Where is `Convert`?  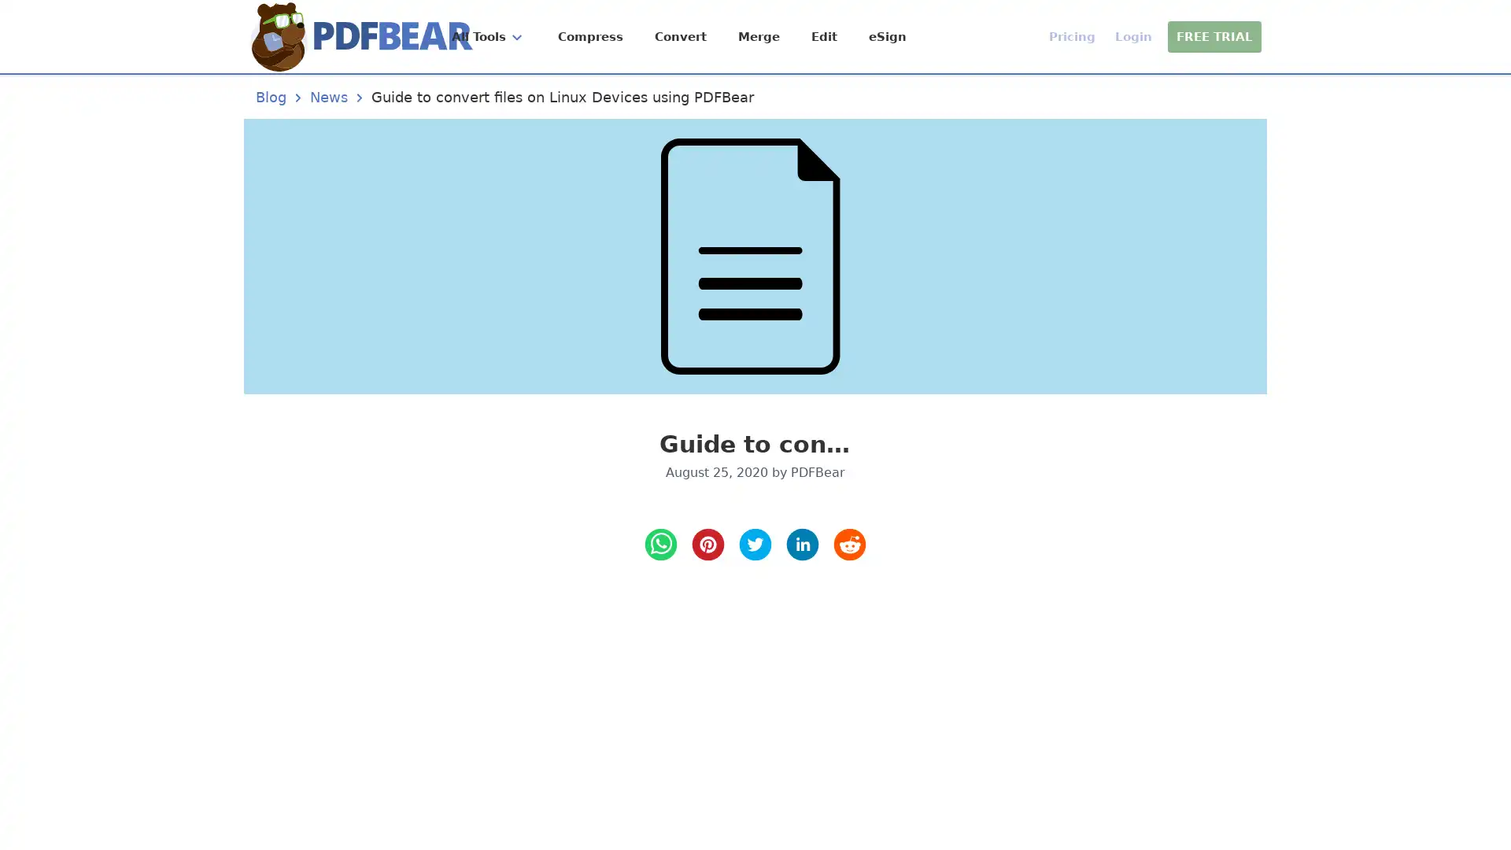 Convert is located at coordinates (680, 35).